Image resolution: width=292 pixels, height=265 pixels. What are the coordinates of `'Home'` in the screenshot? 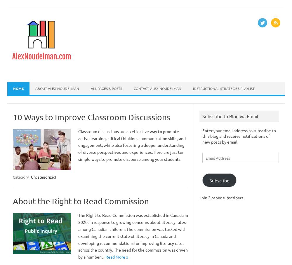 It's located at (13, 88).